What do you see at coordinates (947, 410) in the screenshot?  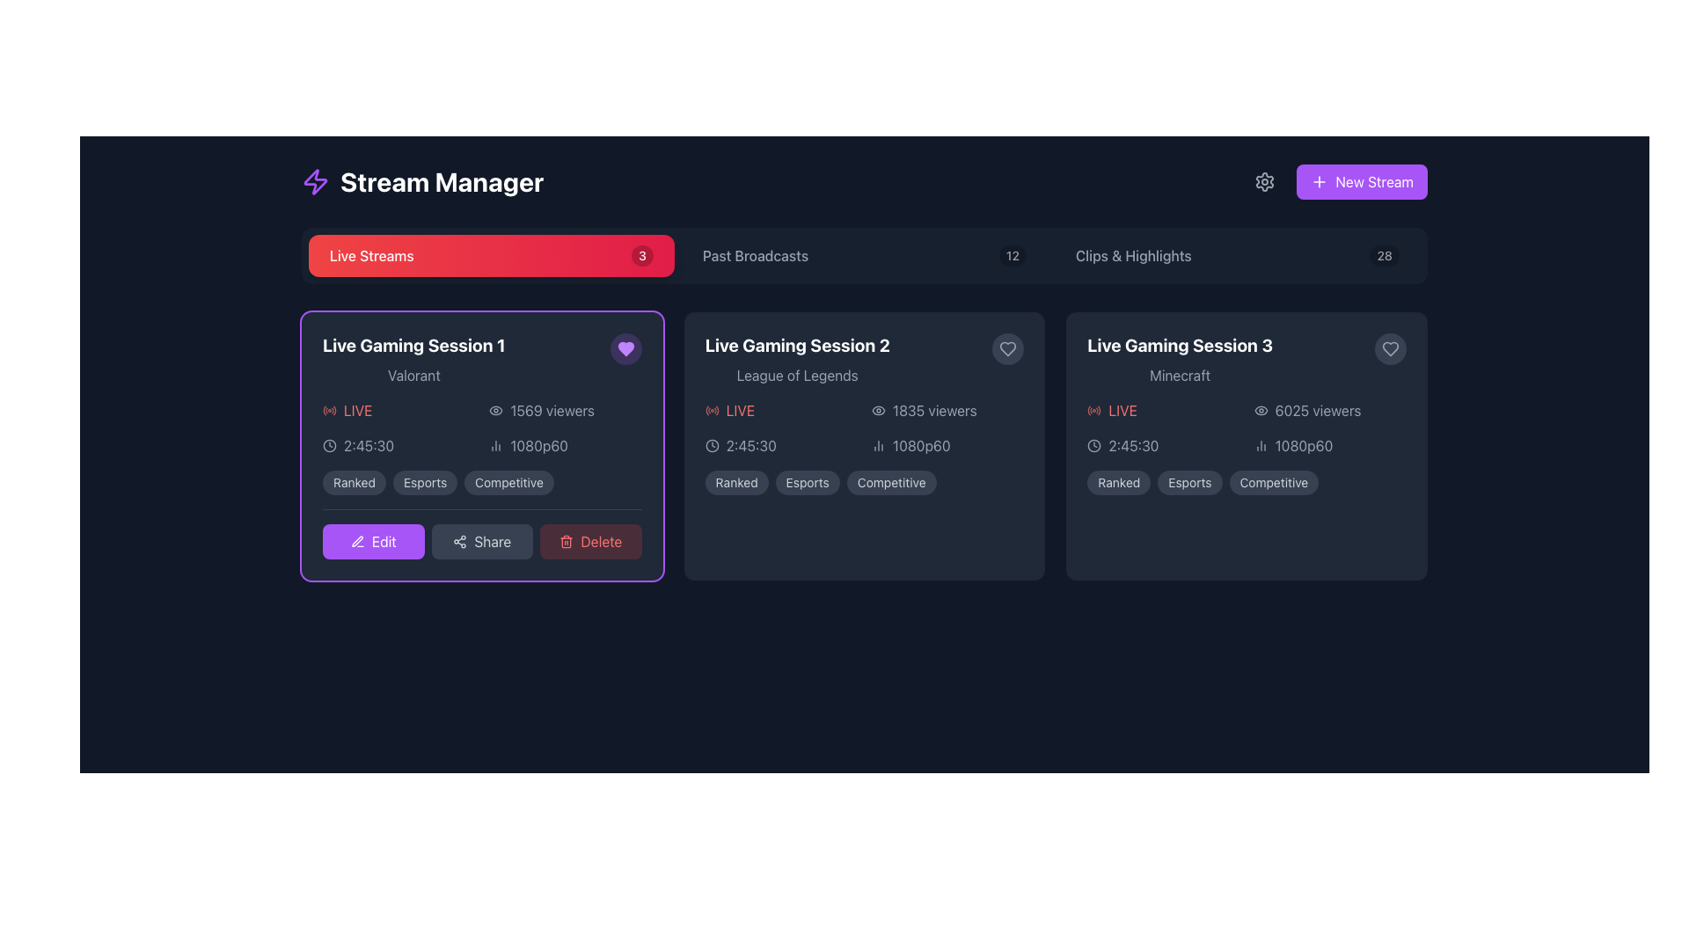 I see `the viewer count text label with icon located in the 'Live Gaming Session 2' card under 'League of Legends', to the right of the 'LIVE' label` at bounding box center [947, 410].